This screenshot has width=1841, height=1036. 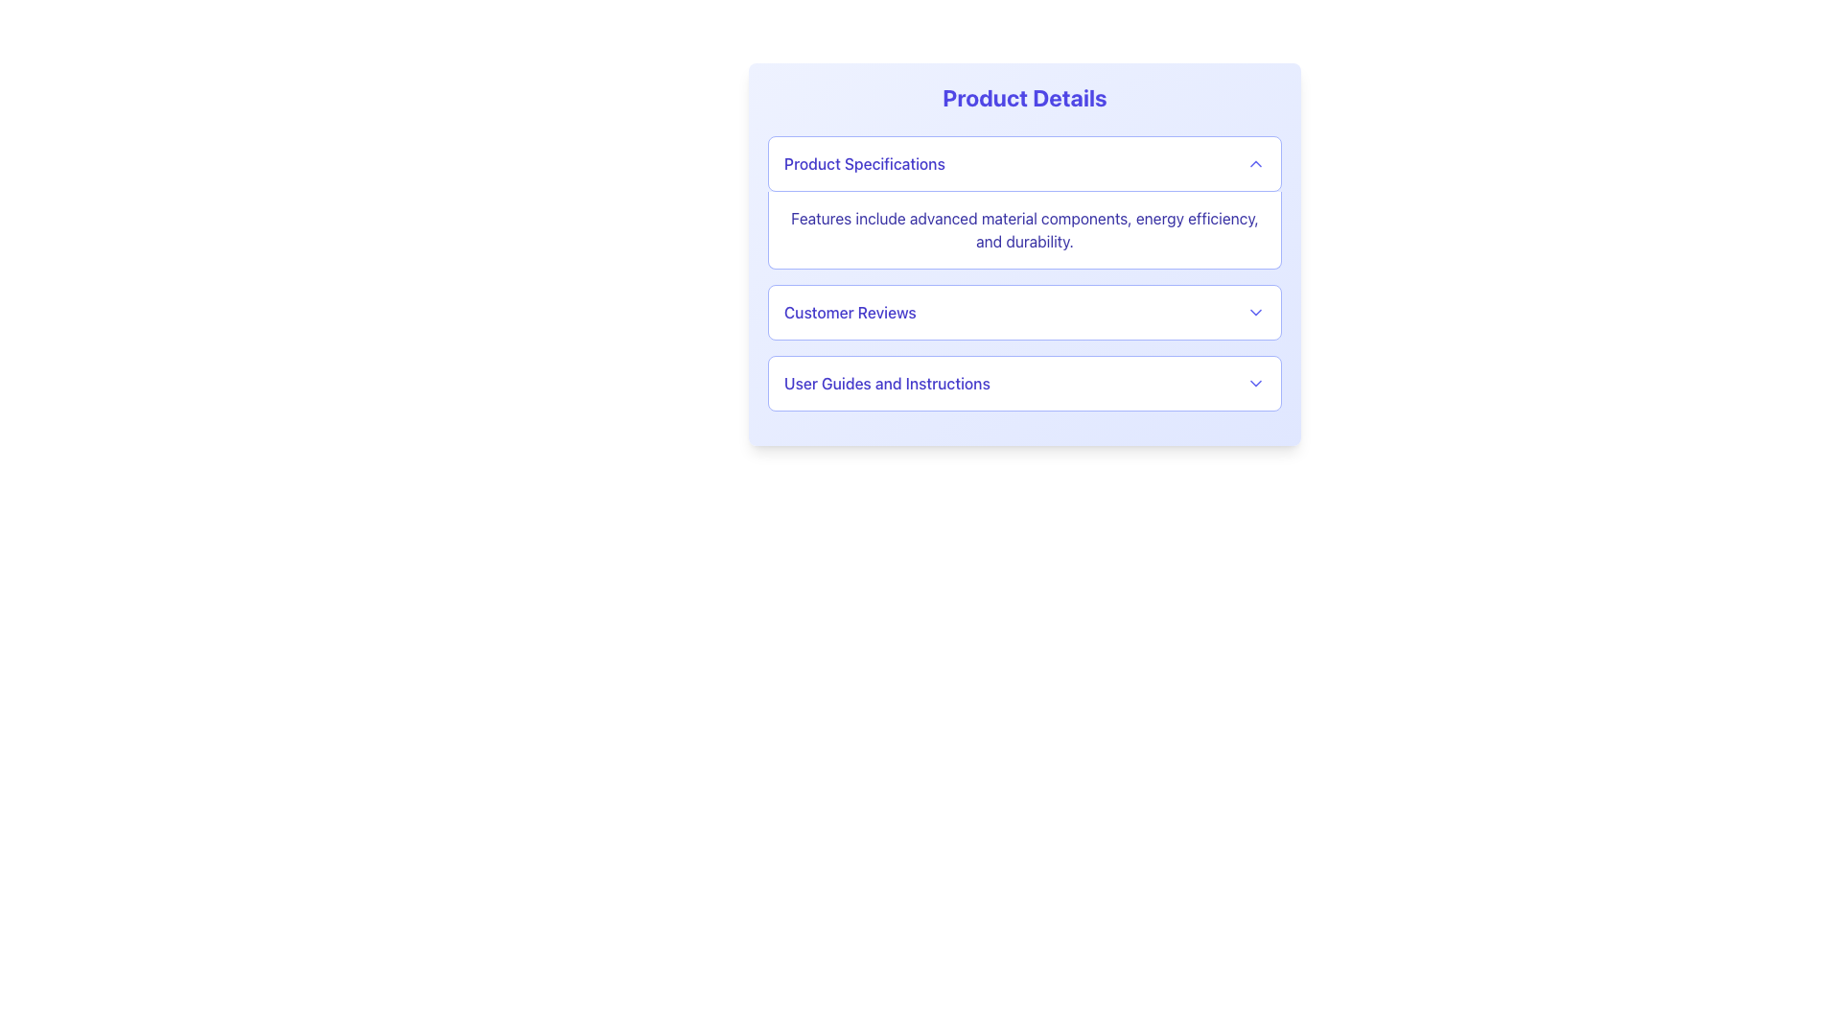 What do you see at coordinates (1256, 312) in the screenshot?
I see `the chevron down icon located at the right edge of the 'Customer Reviews' section` at bounding box center [1256, 312].